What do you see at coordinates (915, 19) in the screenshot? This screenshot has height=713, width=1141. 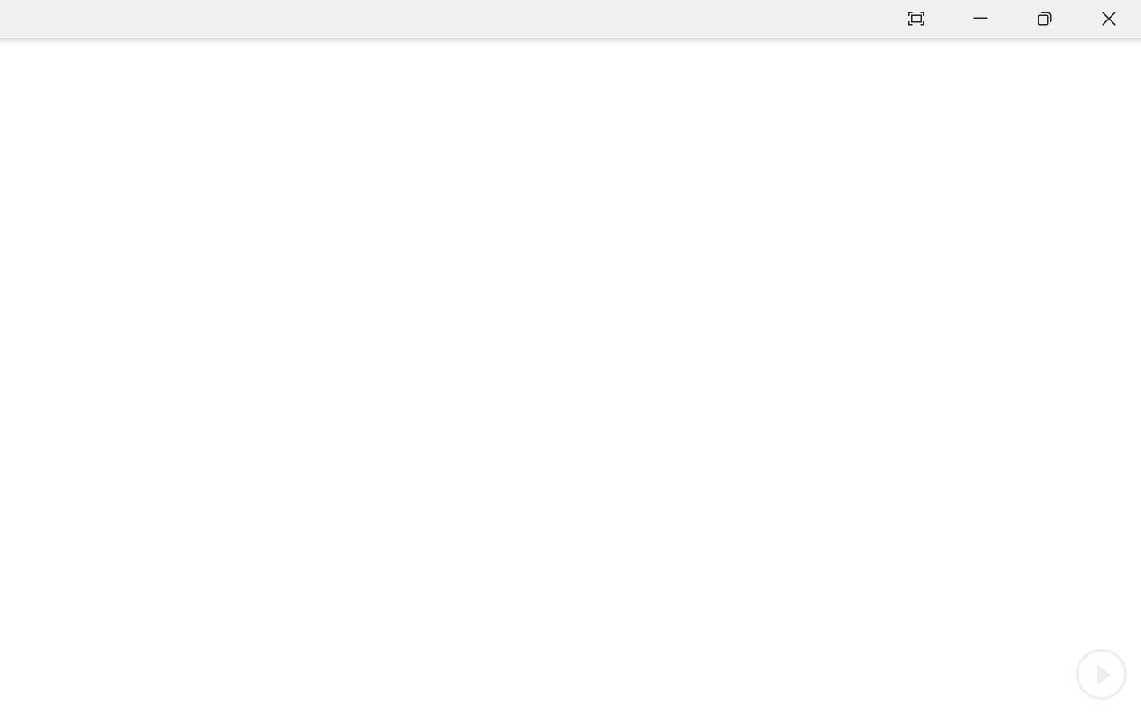 I see `'Auto-hide Reading Toolbar'` at bounding box center [915, 19].